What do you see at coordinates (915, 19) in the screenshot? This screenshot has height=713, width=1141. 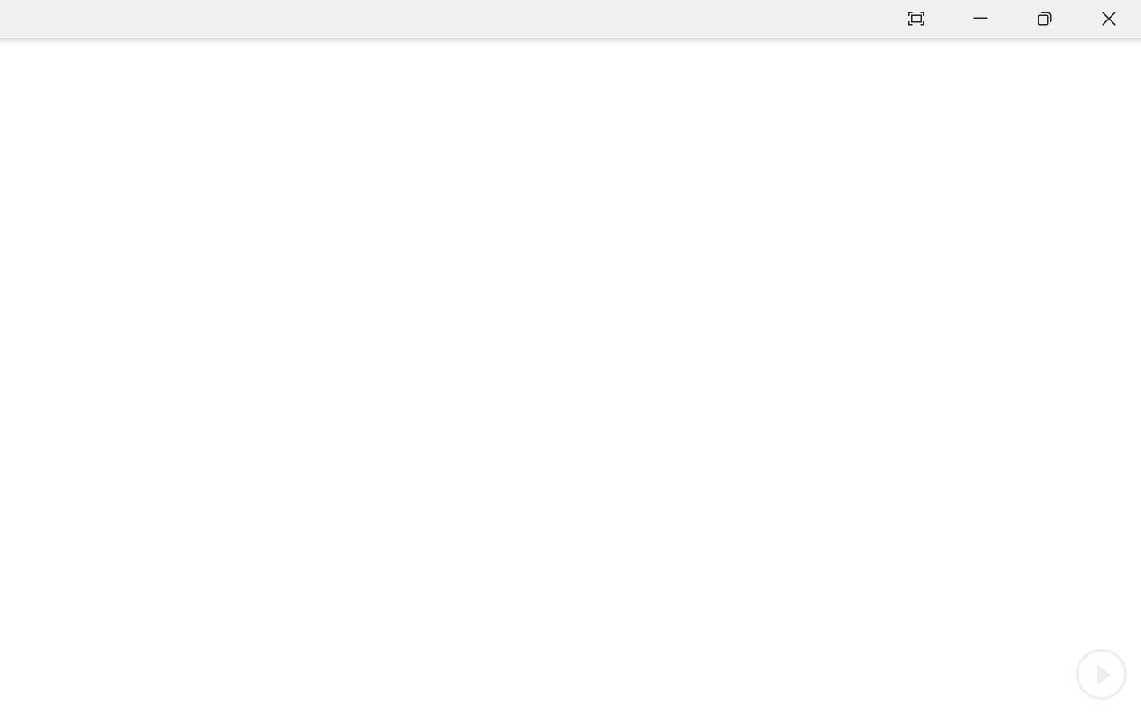 I see `'Auto-hide Reading Toolbar'` at bounding box center [915, 19].